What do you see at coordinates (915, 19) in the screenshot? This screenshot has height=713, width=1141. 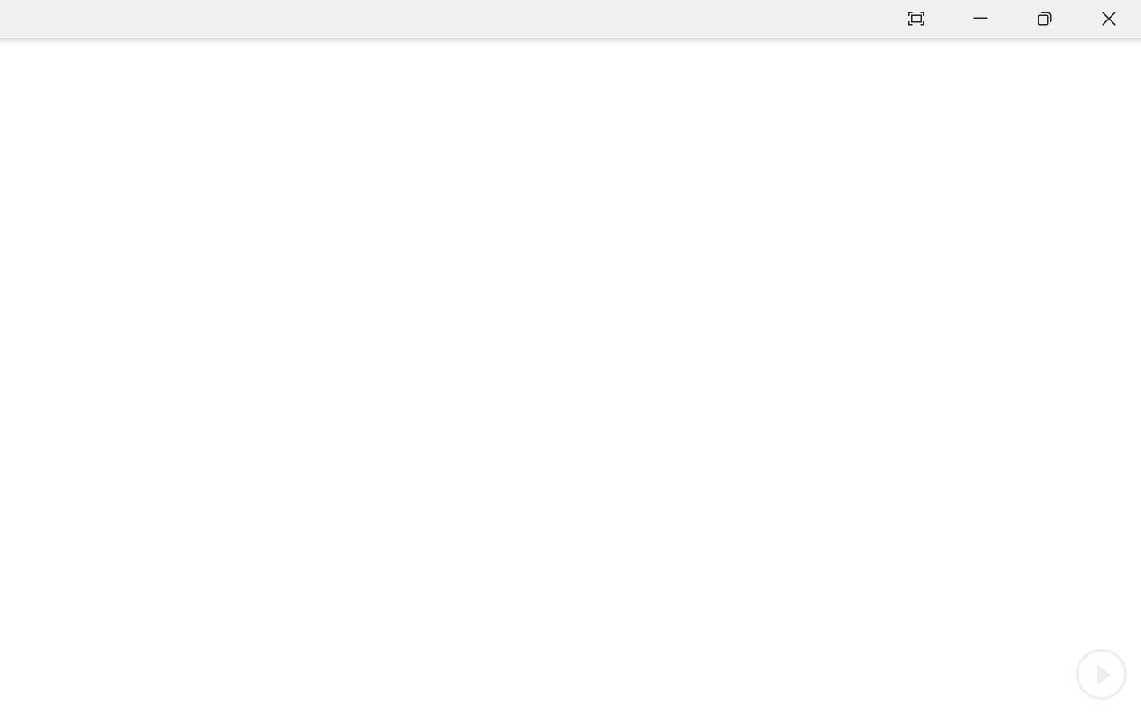 I see `'Auto-hide Reading Toolbar'` at bounding box center [915, 19].